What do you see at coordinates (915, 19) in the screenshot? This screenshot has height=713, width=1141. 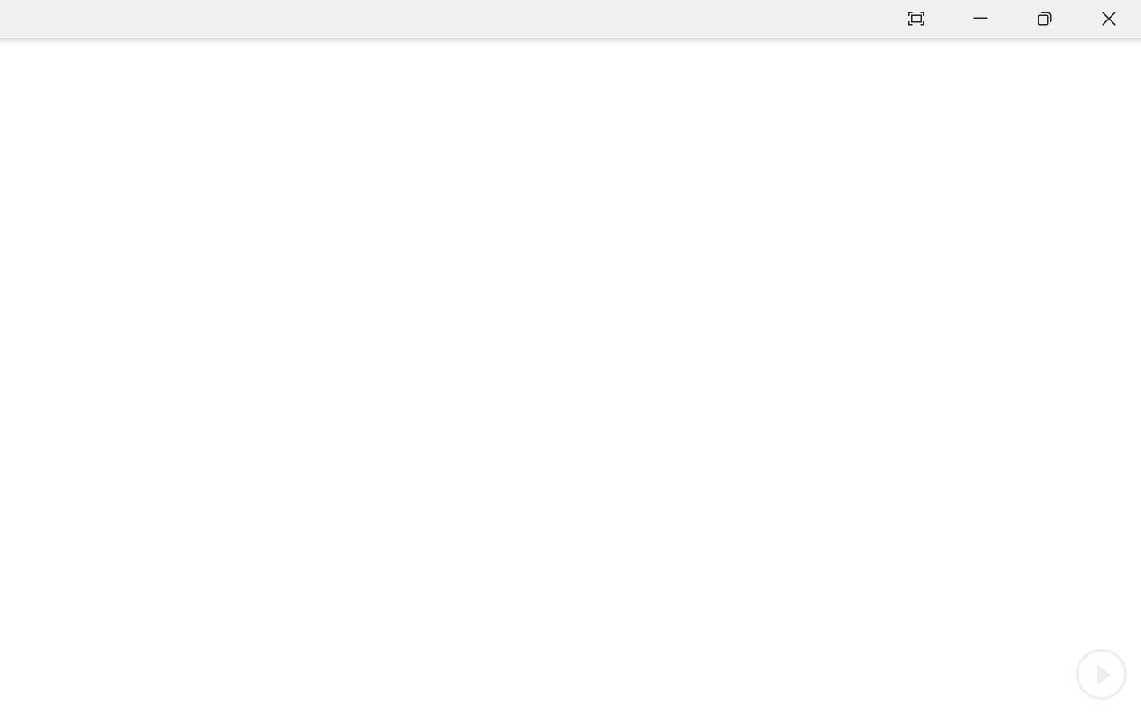 I see `'Auto-hide Reading Toolbar'` at bounding box center [915, 19].